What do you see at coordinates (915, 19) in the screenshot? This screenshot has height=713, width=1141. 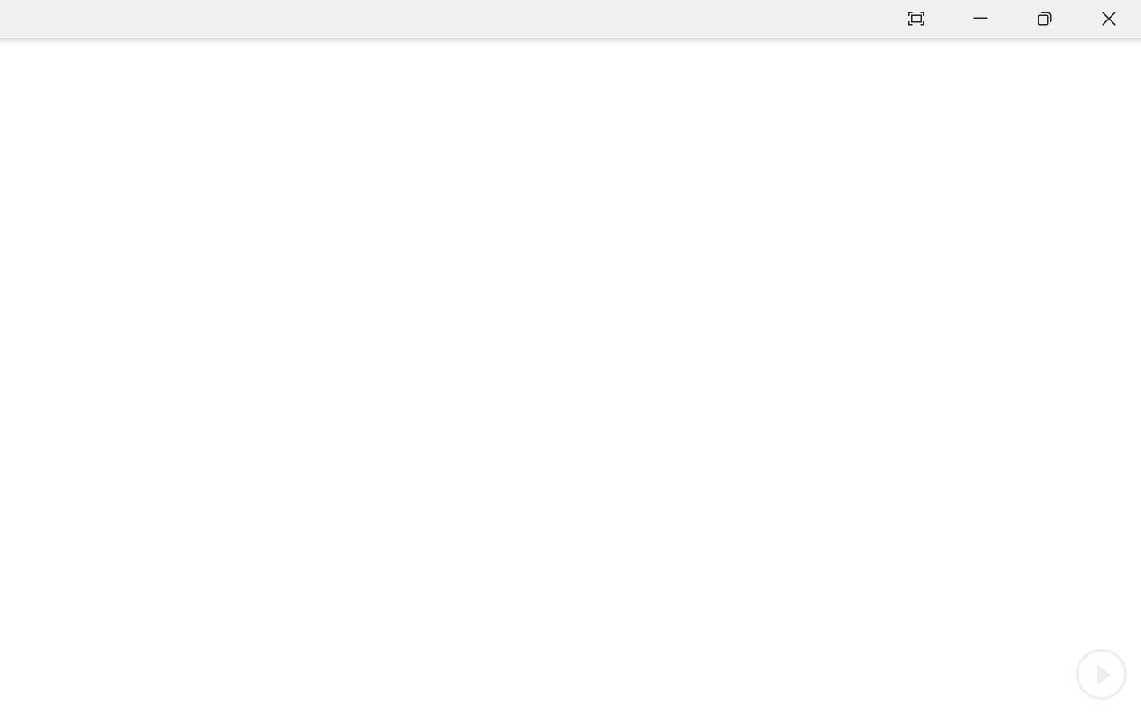 I see `'Auto-hide Reading Toolbar'` at bounding box center [915, 19].